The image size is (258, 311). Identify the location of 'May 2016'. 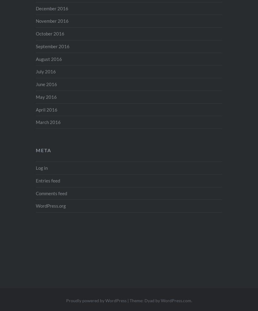
(46, 96).